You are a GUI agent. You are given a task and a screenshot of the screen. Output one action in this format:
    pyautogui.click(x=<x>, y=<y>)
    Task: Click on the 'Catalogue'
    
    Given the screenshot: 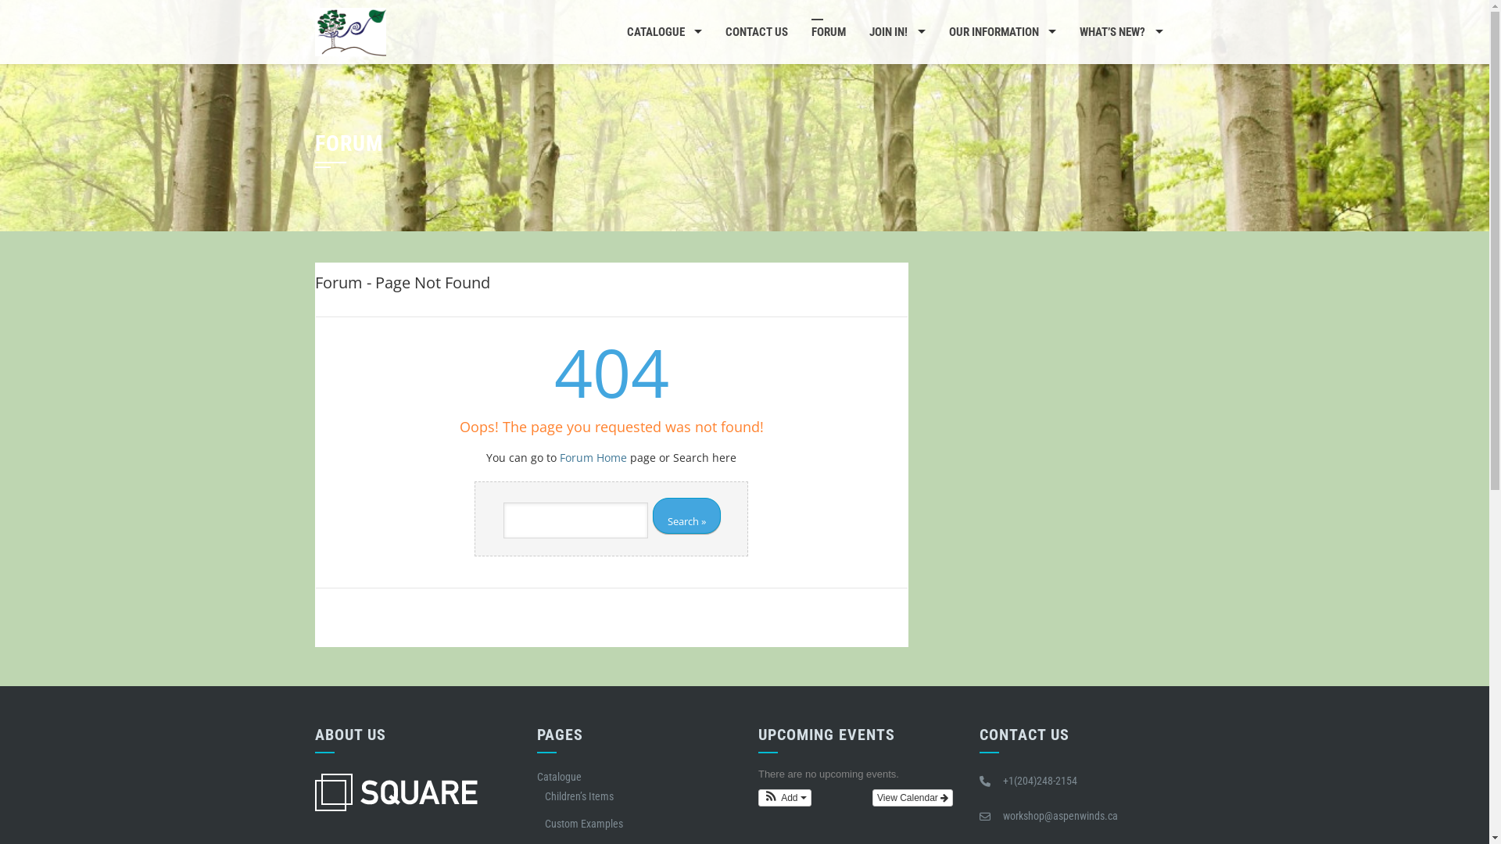 What is the action you would take?
    pyautogui.click(x=559, y=777)
    